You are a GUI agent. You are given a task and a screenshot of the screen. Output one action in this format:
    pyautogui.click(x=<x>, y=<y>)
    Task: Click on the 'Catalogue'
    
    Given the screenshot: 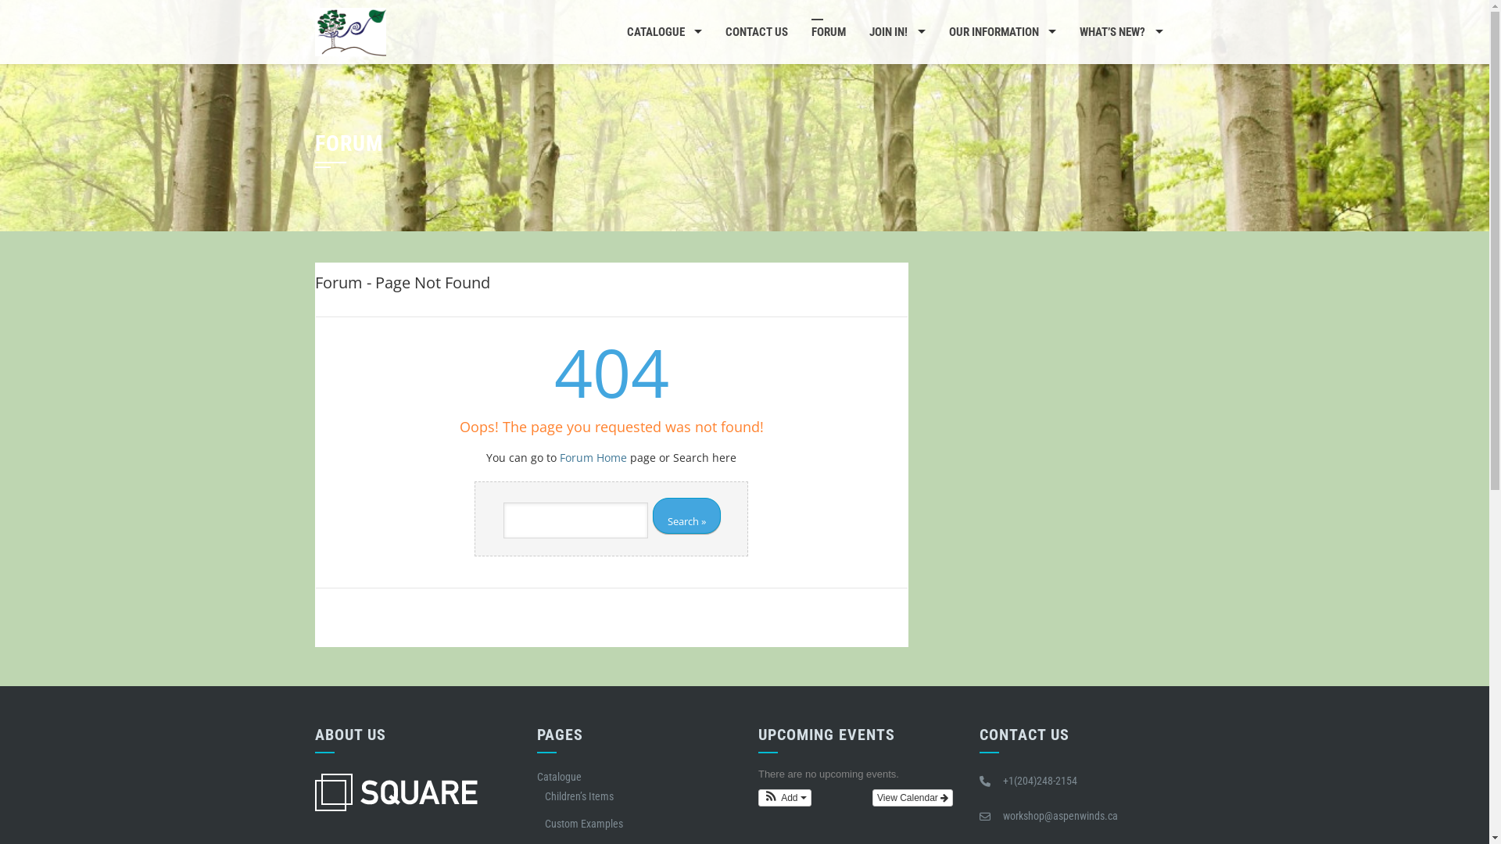 What is the action you would take?
    pyautogui.click(x=559, y=777)
    